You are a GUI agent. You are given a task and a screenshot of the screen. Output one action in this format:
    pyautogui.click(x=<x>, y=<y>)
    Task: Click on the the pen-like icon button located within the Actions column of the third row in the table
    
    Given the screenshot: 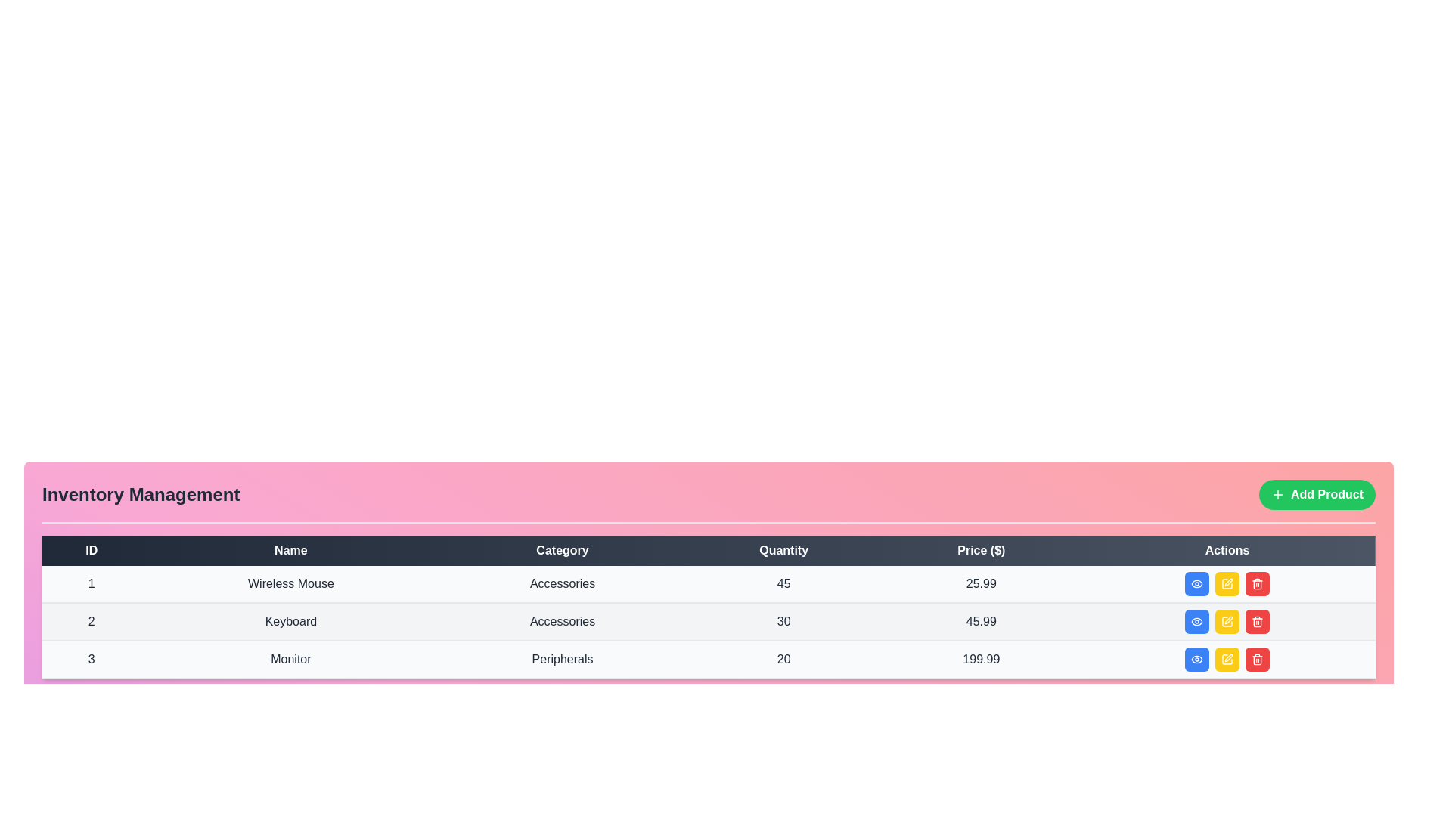 What is the action you would take?
    pyautogui.click(x=1229, y=657)
    